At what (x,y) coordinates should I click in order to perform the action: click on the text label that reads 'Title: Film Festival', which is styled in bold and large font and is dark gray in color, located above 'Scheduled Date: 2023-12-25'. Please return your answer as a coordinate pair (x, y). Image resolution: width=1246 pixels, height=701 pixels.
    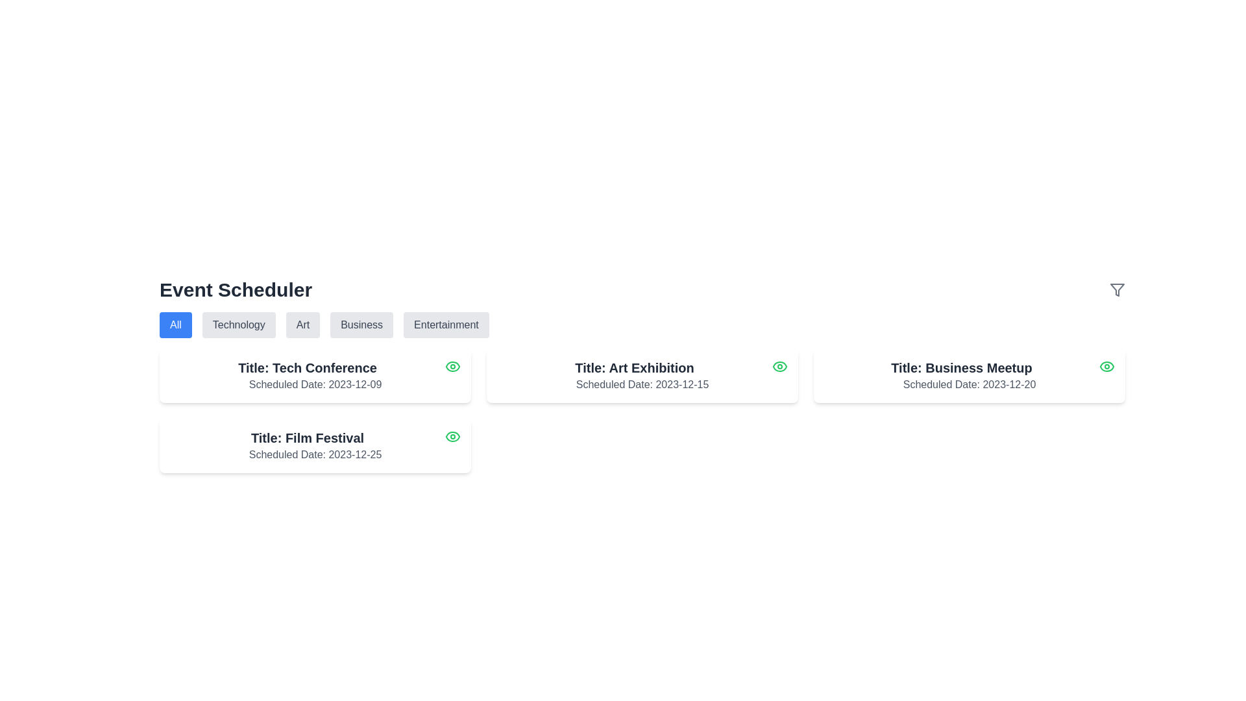
    Looking at the image, I should click on (315, 438).